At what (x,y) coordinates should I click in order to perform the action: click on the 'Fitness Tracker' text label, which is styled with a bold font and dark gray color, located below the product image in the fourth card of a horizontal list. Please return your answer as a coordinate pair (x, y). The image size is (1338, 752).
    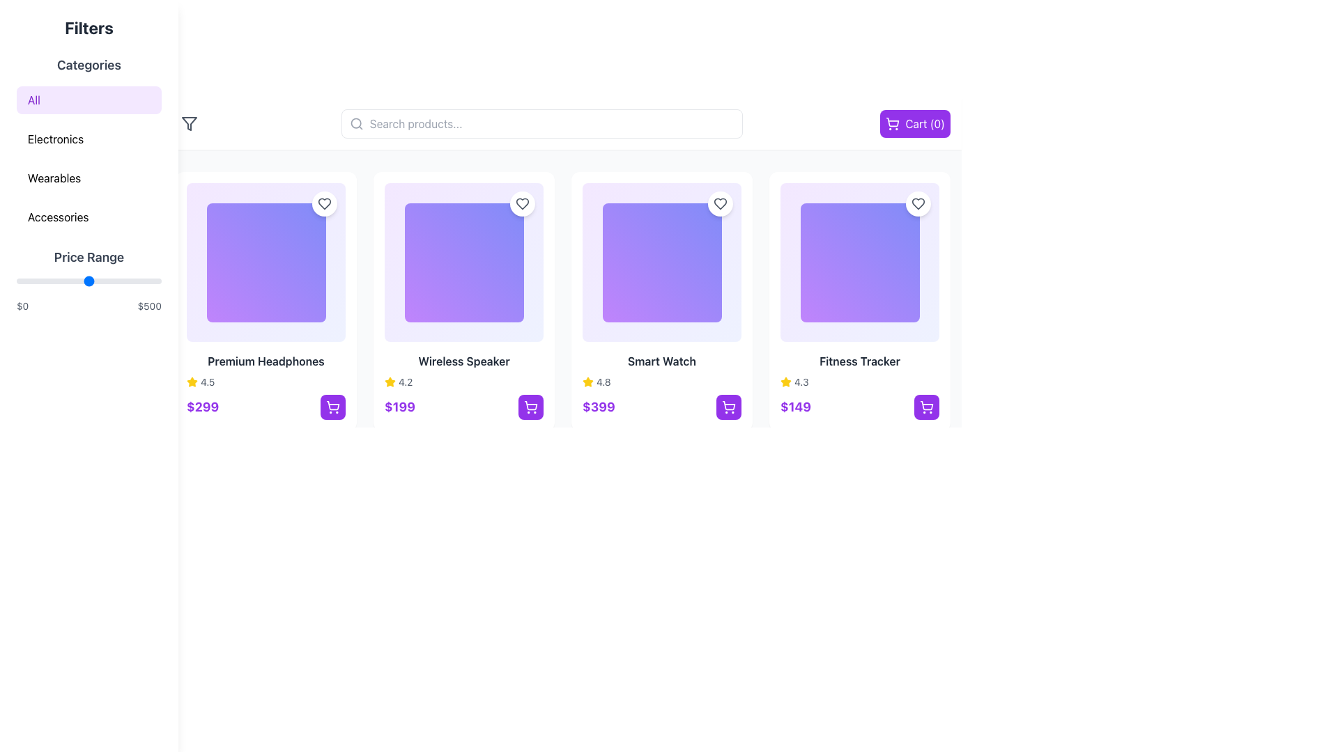
    Looking at the image, I should click on (859, 361).